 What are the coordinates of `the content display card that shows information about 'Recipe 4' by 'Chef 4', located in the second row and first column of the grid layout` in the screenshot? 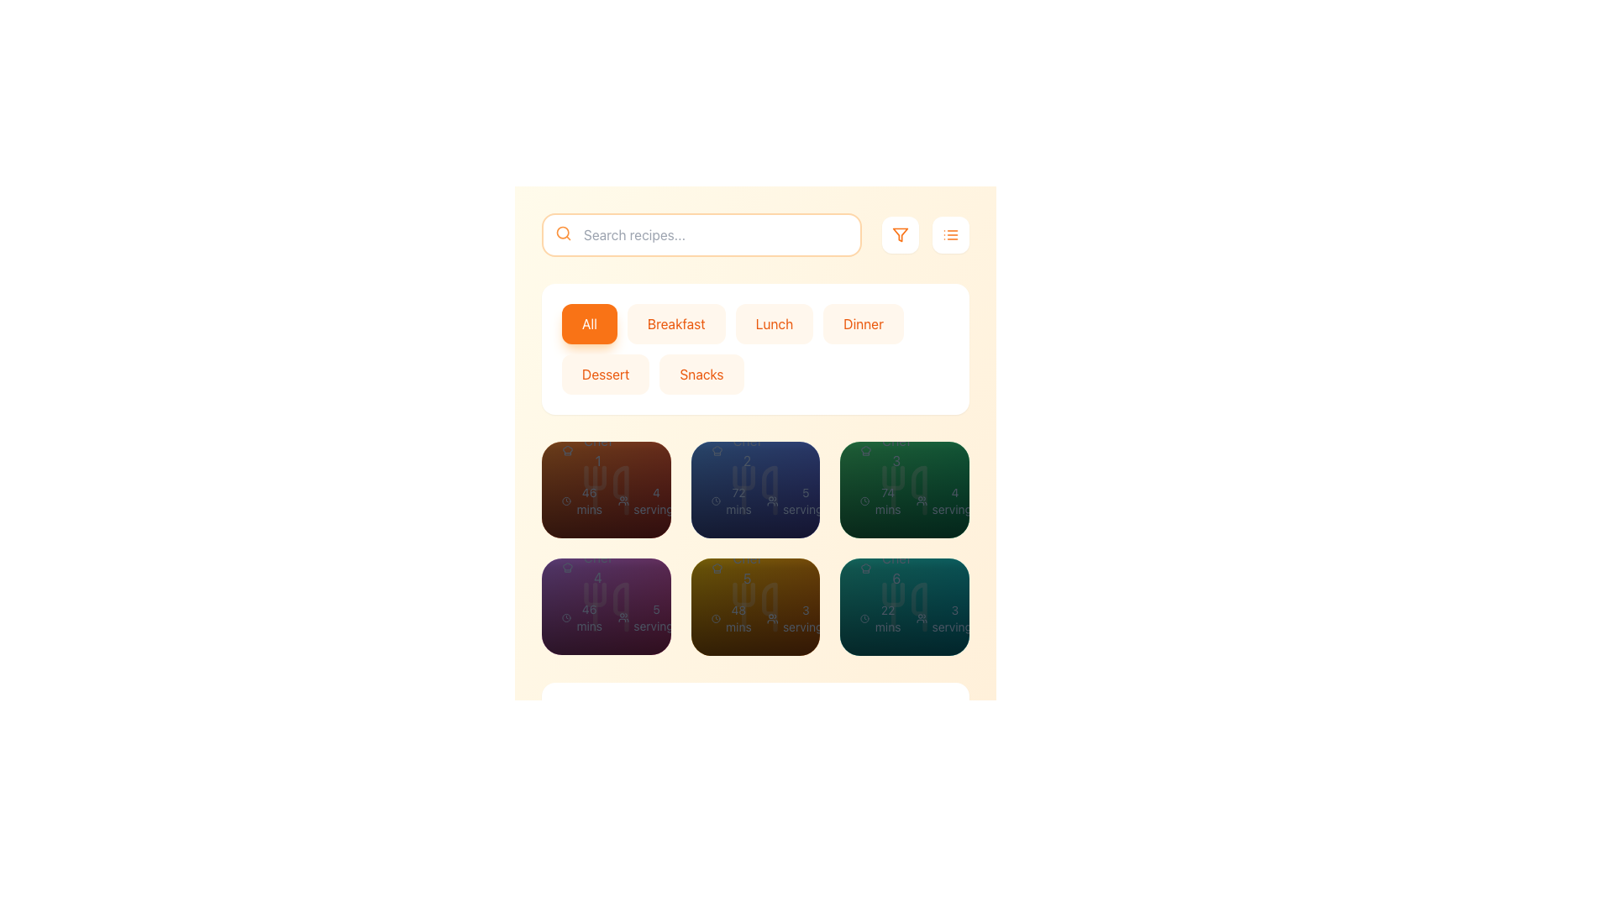 It's located at (588, 544).